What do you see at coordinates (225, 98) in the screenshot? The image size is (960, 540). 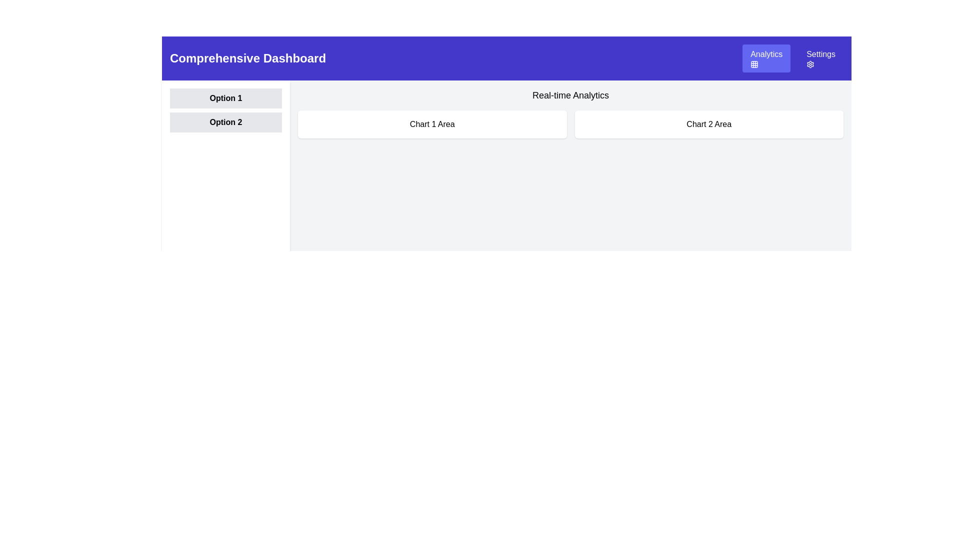 I see `the label section with bold text 'Option 1' that has a light gray background, positioned under the purple banner 'Comprehensive Dashboard'` at bounding box center [225, 98].